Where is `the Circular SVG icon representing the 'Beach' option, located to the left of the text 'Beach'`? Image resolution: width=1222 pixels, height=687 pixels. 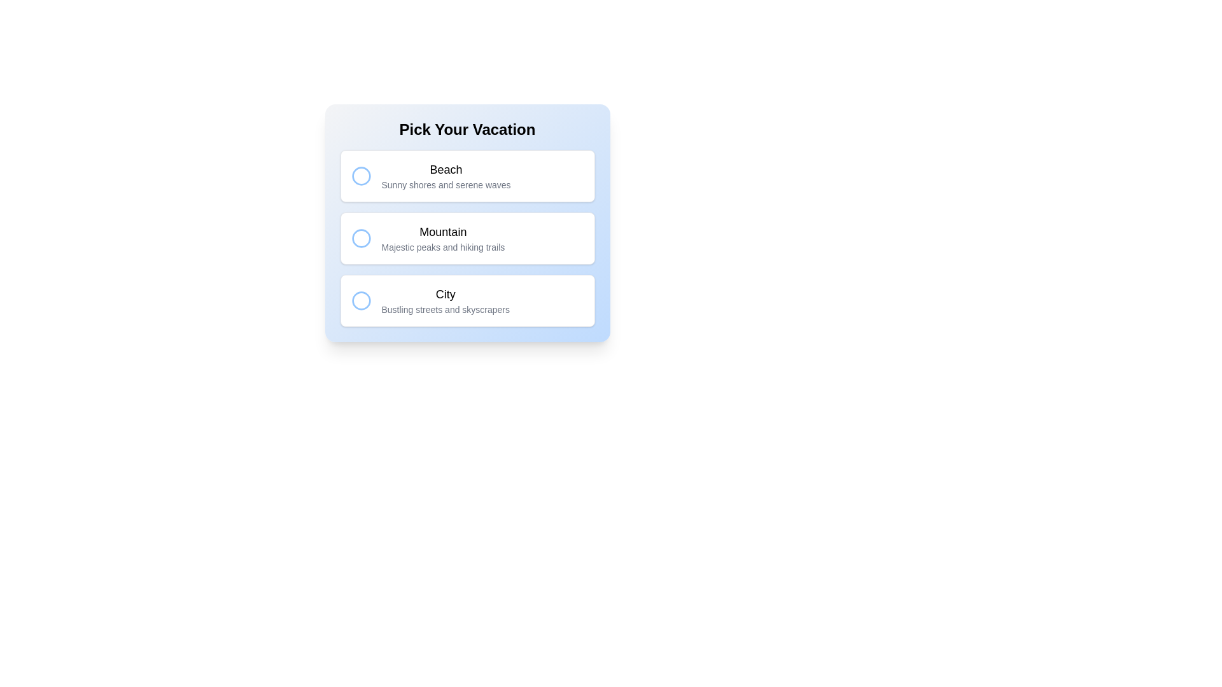 the Circular SVG icon representing the 'Beach' option, located to the left of the text 'Beach' is located at coordinates (360, 176).